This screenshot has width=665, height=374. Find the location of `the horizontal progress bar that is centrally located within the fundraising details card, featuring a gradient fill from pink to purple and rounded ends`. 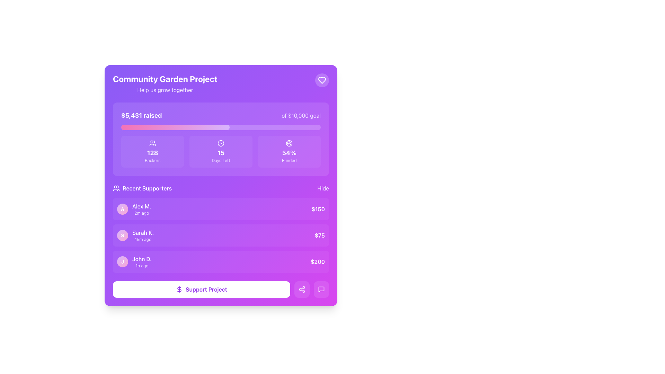

the horizontal progress bar that is centrally located within the fundraising details card, featuring a gradient fill from pink to purple and rounded ends is located at coordinates (221, 127).